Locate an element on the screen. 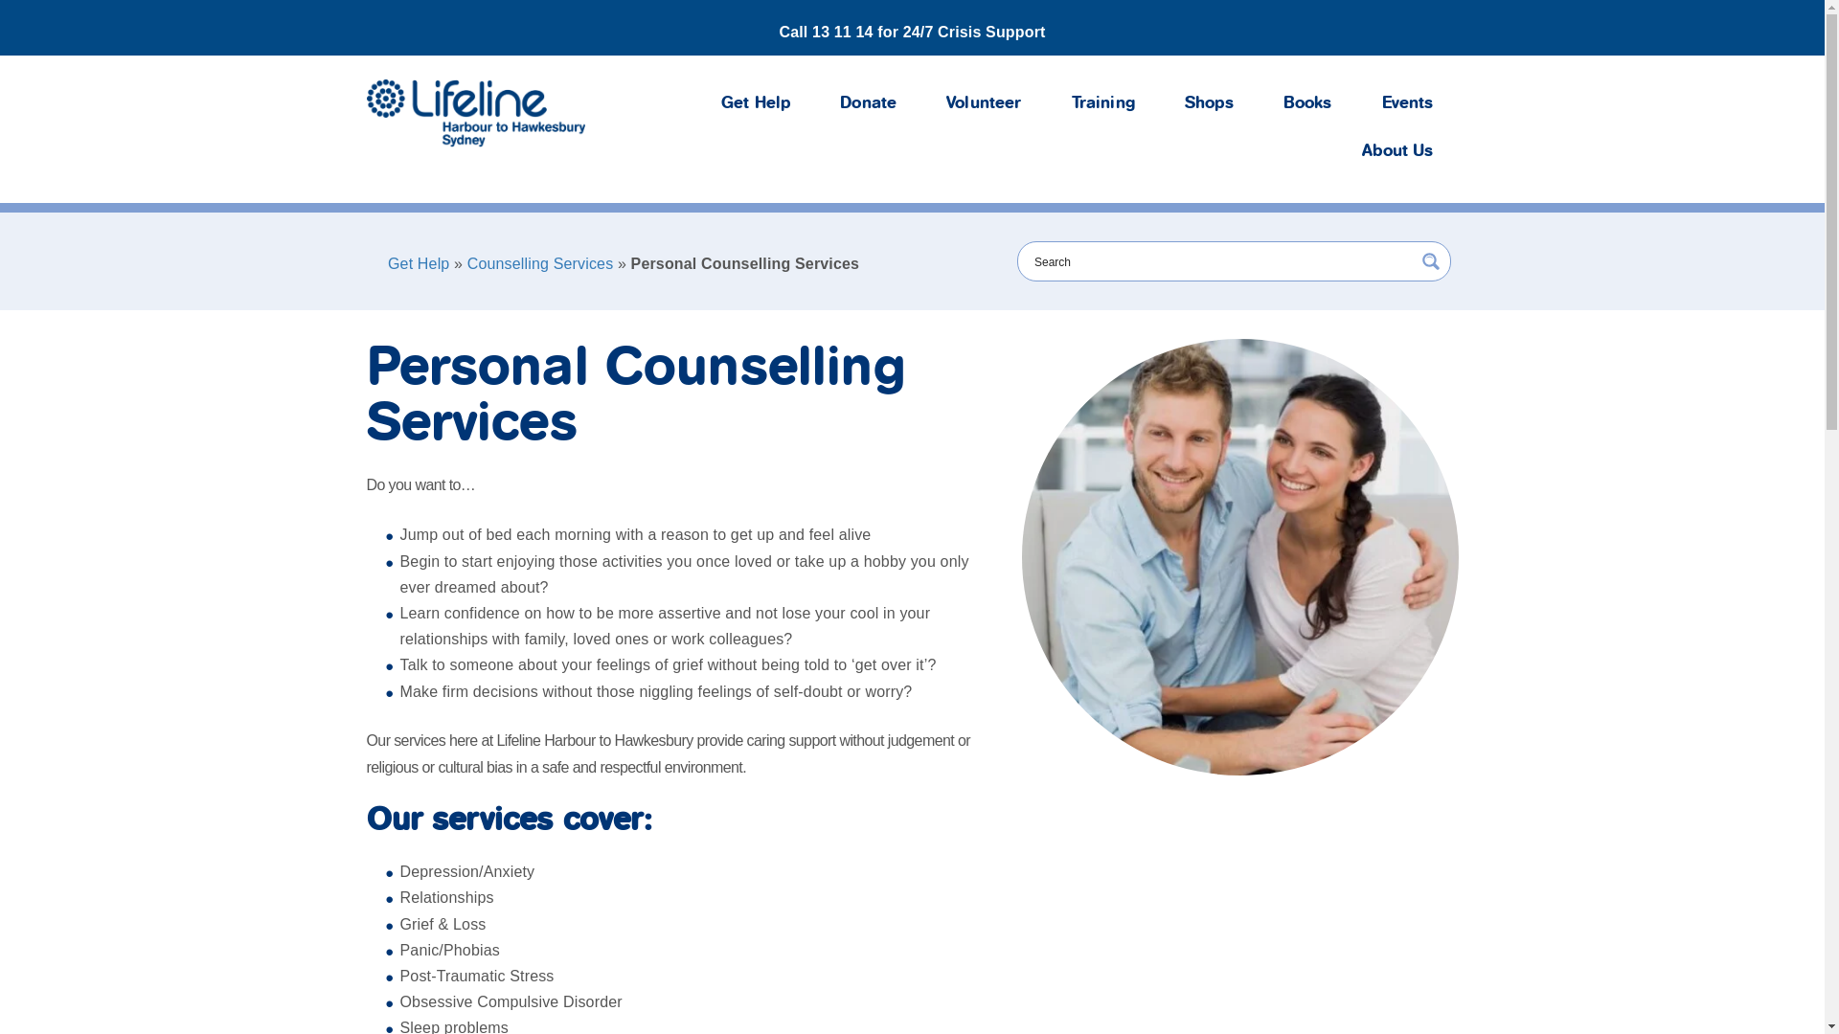 This screenshot has height=1034, width=1839. 'Counselling Services' is located at coordinates (467, 263).